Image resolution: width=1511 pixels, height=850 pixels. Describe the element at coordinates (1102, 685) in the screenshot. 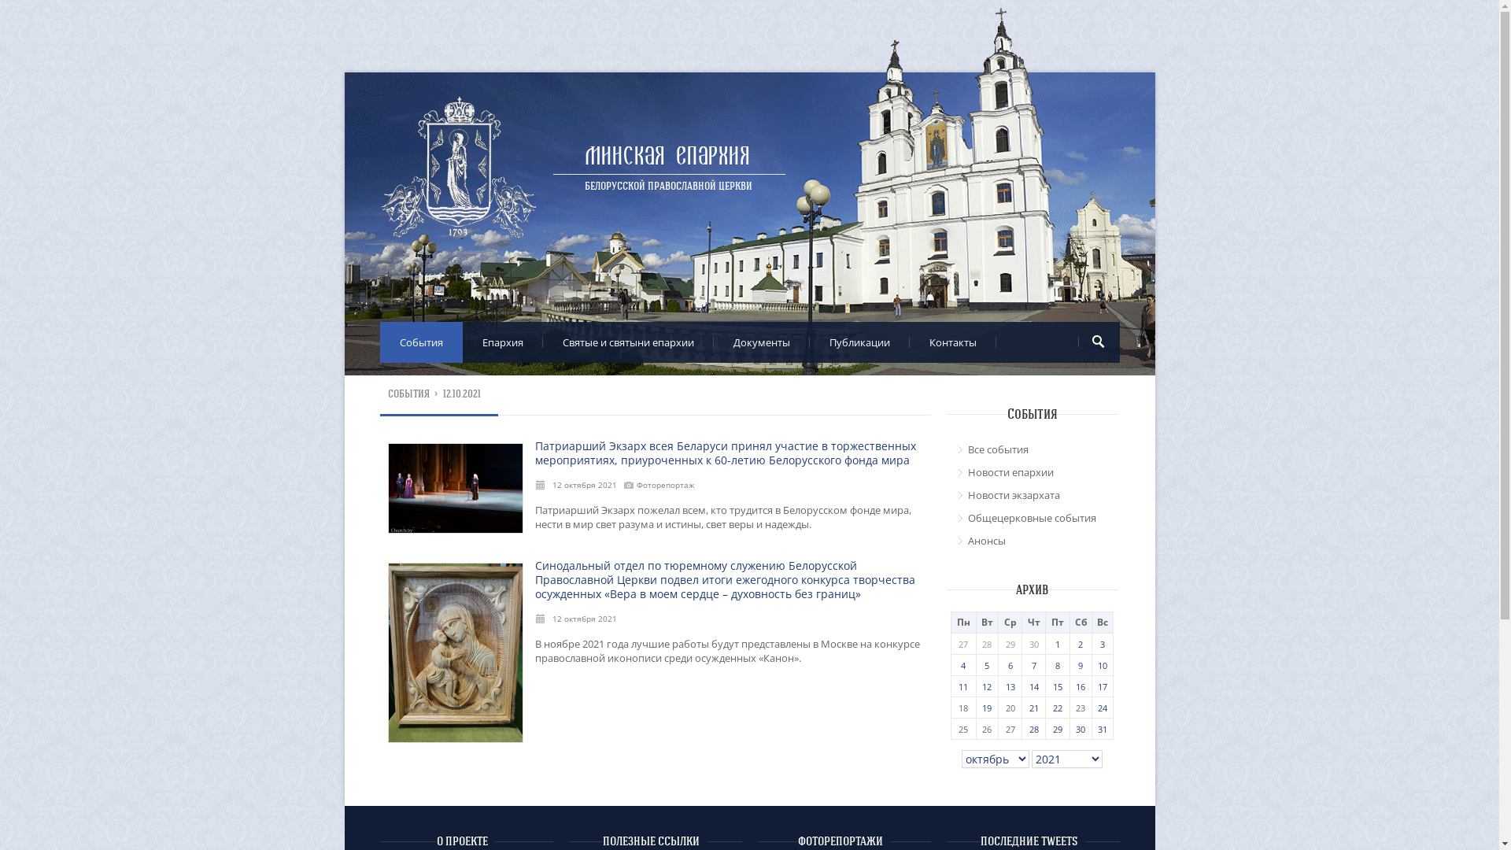

I see `'17'` at that location.